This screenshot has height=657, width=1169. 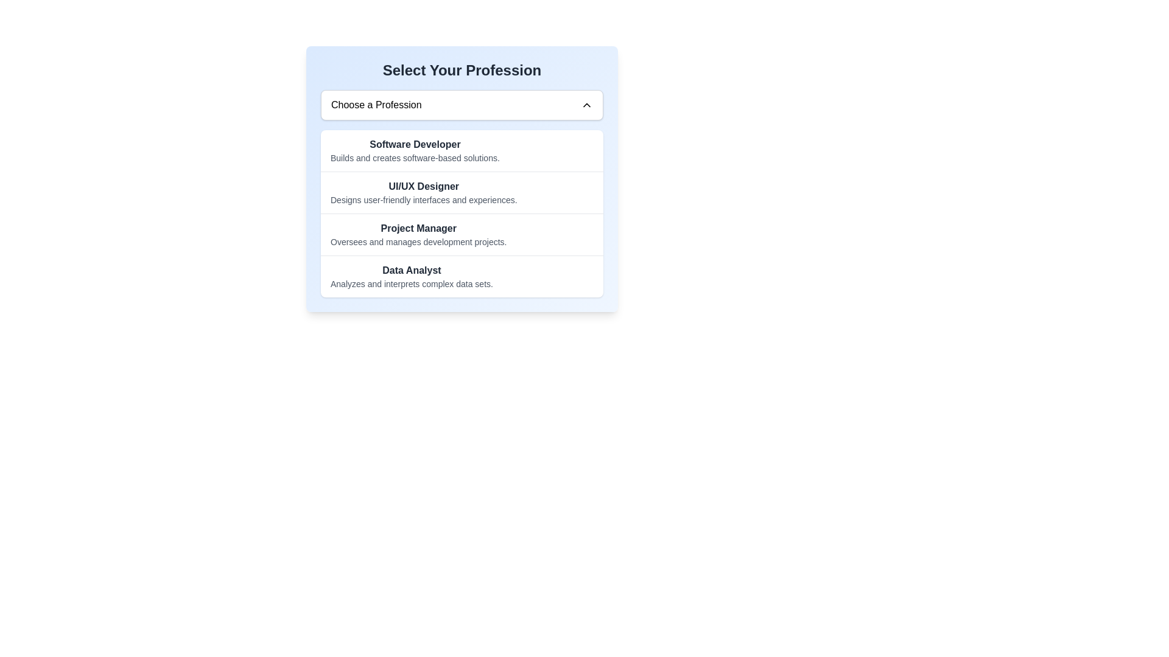 I want to click on the selectable list item for 'UI/UX Designer', so click(x=461, y=178).